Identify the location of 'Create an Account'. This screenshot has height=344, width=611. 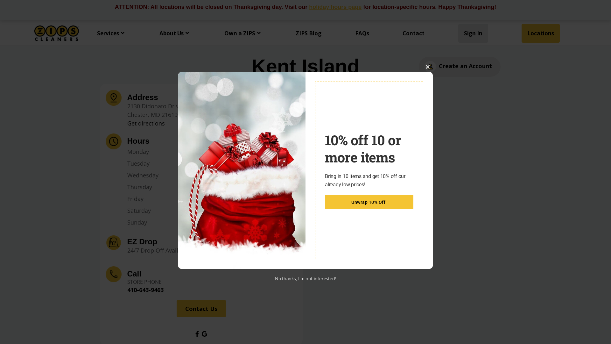
(460, 67).